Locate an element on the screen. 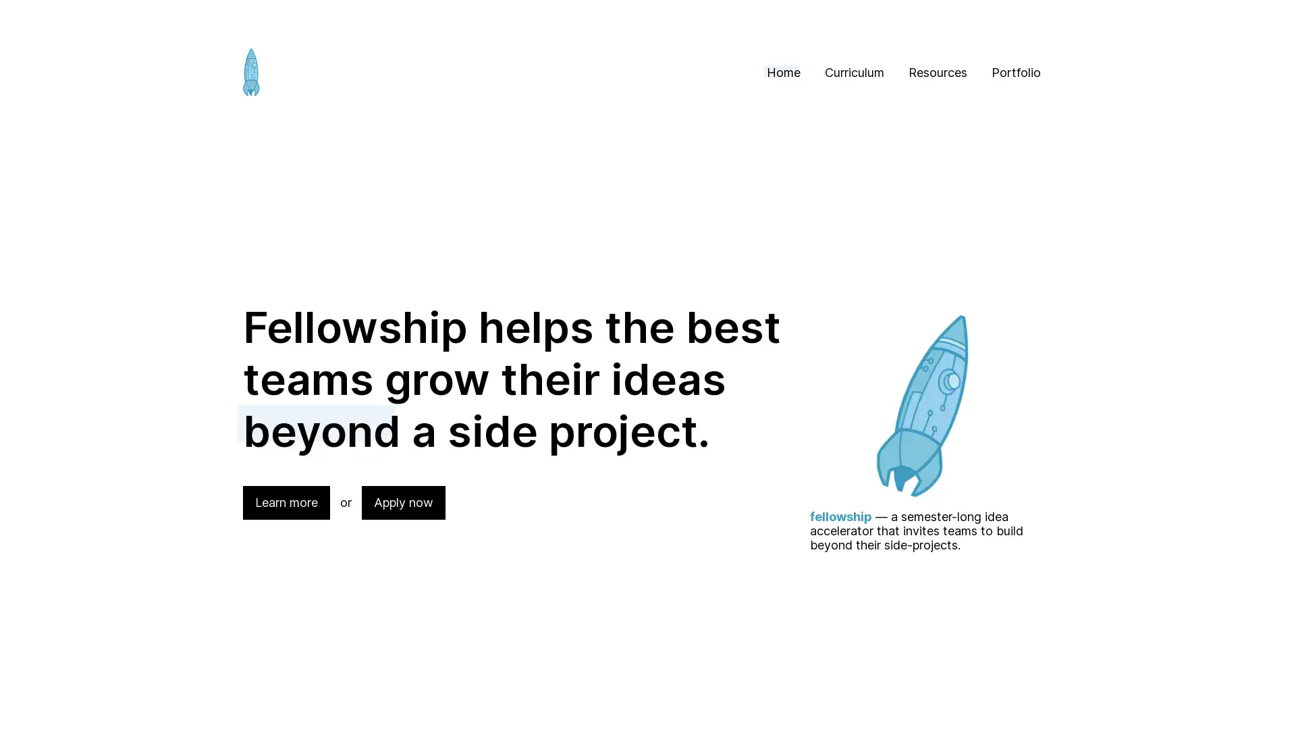 Image resolution: width=1296 pixels, height=729 pixels. Learn more is located at coordinates (286, 502).